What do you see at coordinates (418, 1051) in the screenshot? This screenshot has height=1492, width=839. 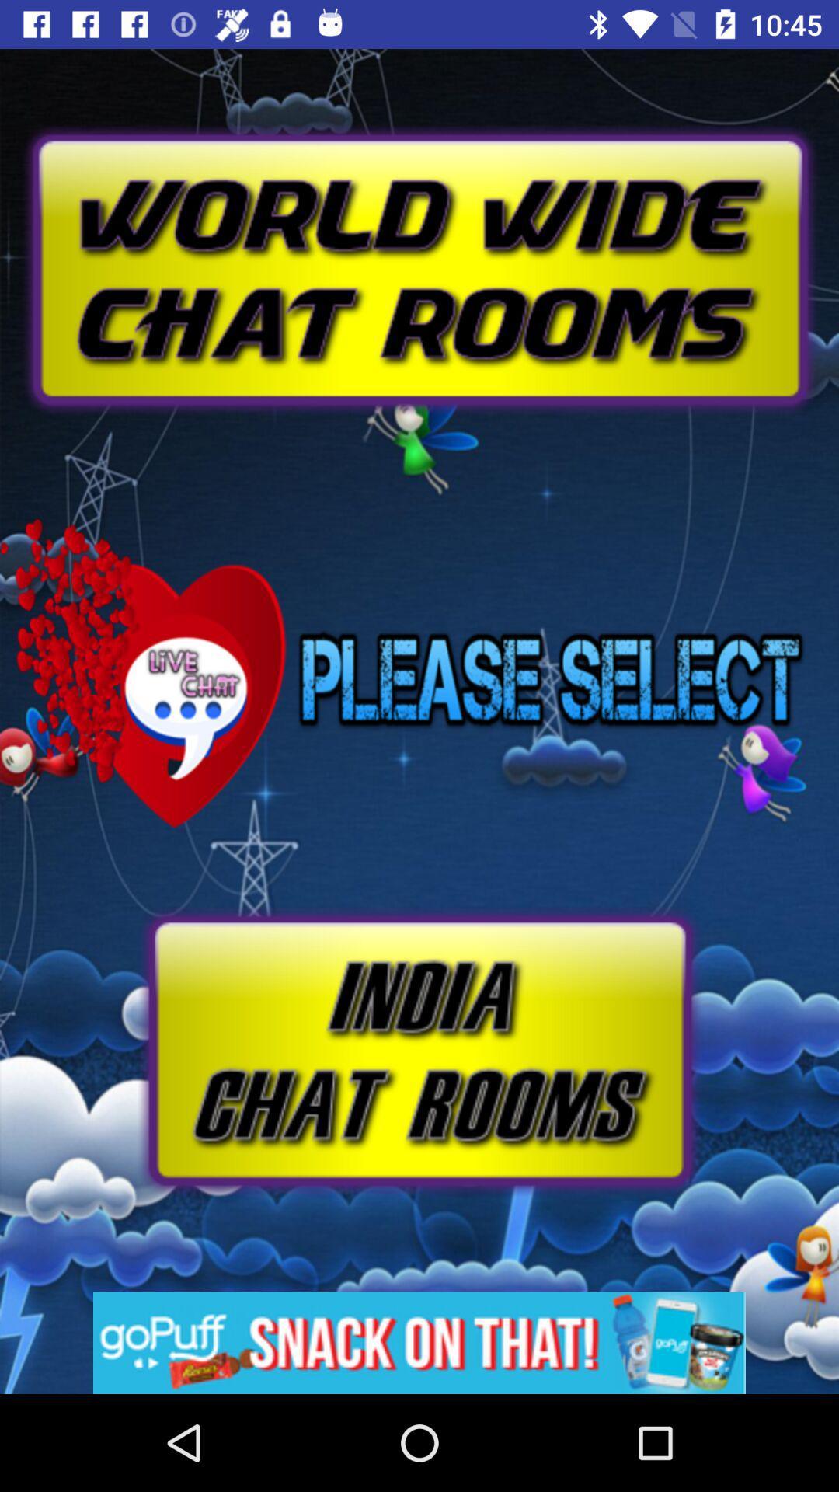 I see `game` at bounding box center [418, 1051].